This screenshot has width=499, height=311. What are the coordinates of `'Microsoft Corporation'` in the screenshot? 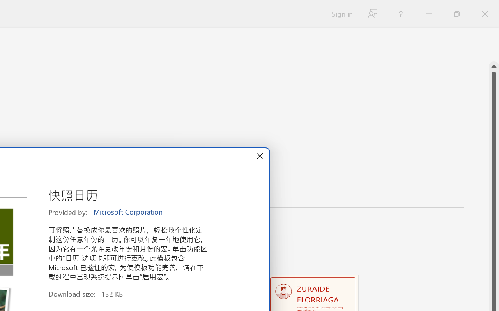 It's located at (129, 212).